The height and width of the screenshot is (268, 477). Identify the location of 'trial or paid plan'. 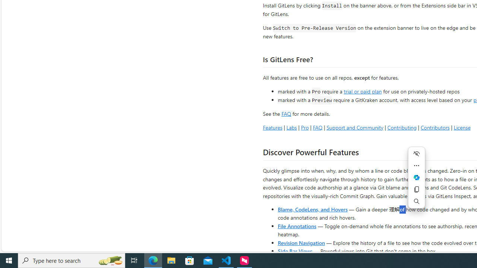
(363, 90).